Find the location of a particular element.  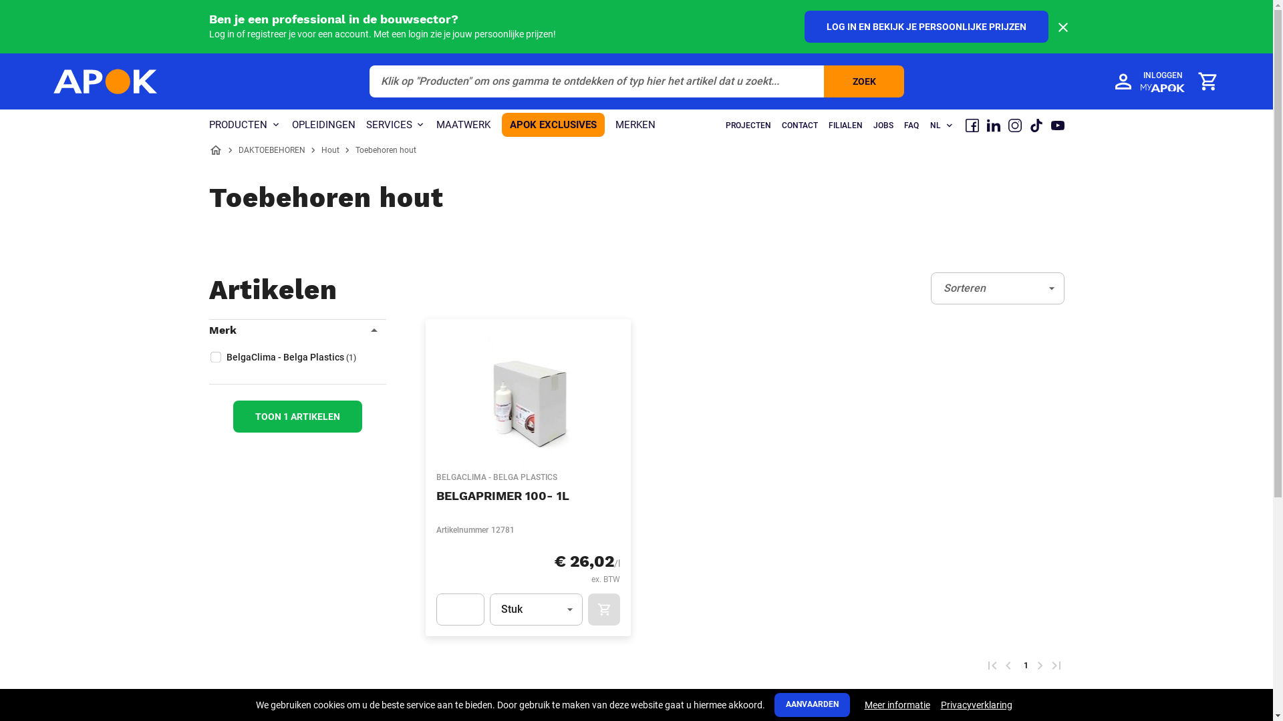

'MAATWERK' is located at coordinates (462, 125).